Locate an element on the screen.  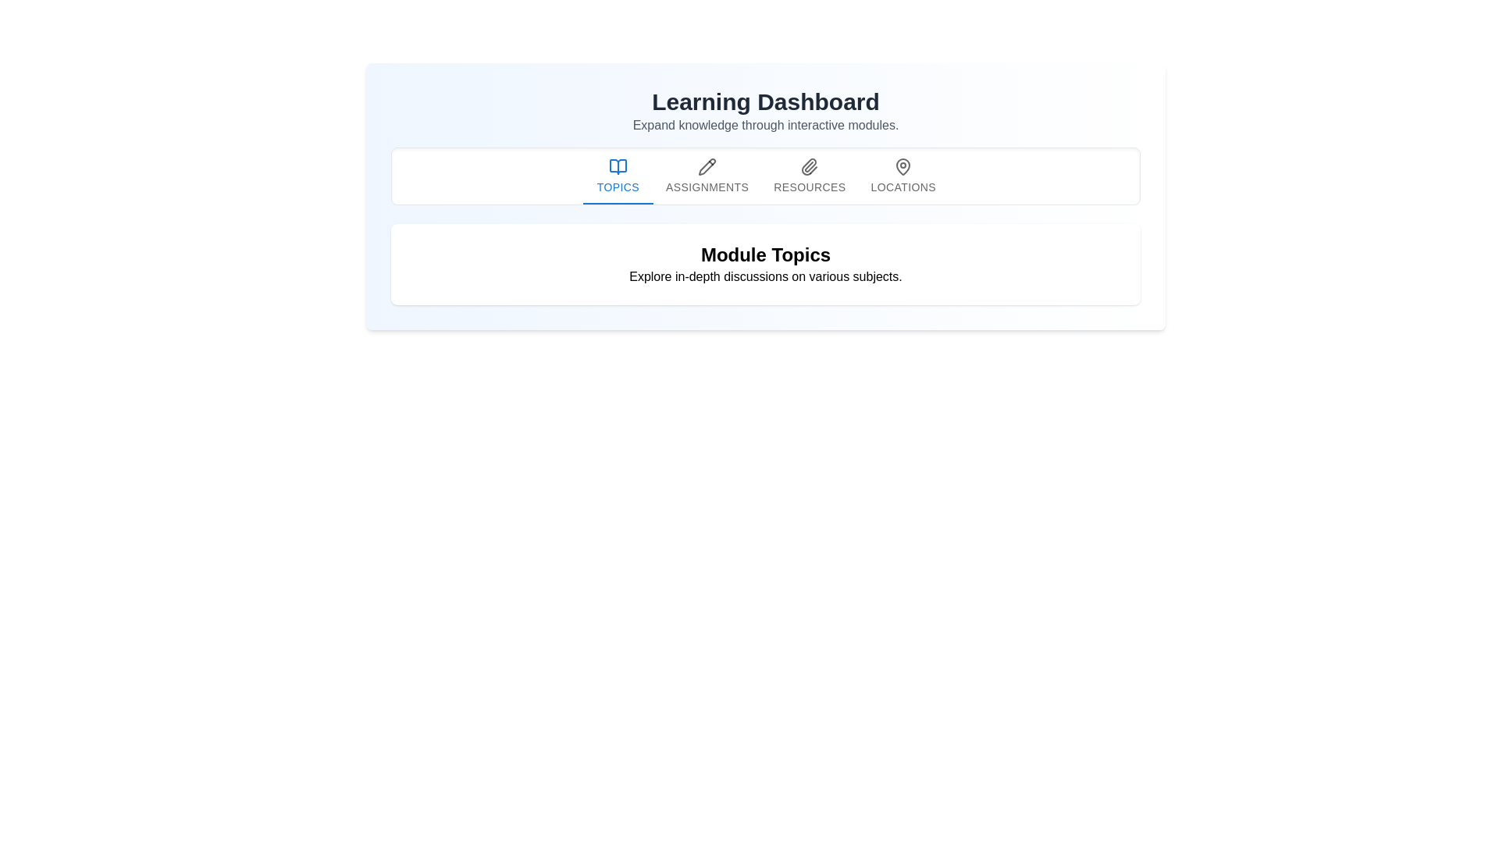
the currently selected tab indicator for 'Topics' located beneath the 'Topics' tab button in the navigation bar of the Learning Dashboard is located at coordinates (618, 203).